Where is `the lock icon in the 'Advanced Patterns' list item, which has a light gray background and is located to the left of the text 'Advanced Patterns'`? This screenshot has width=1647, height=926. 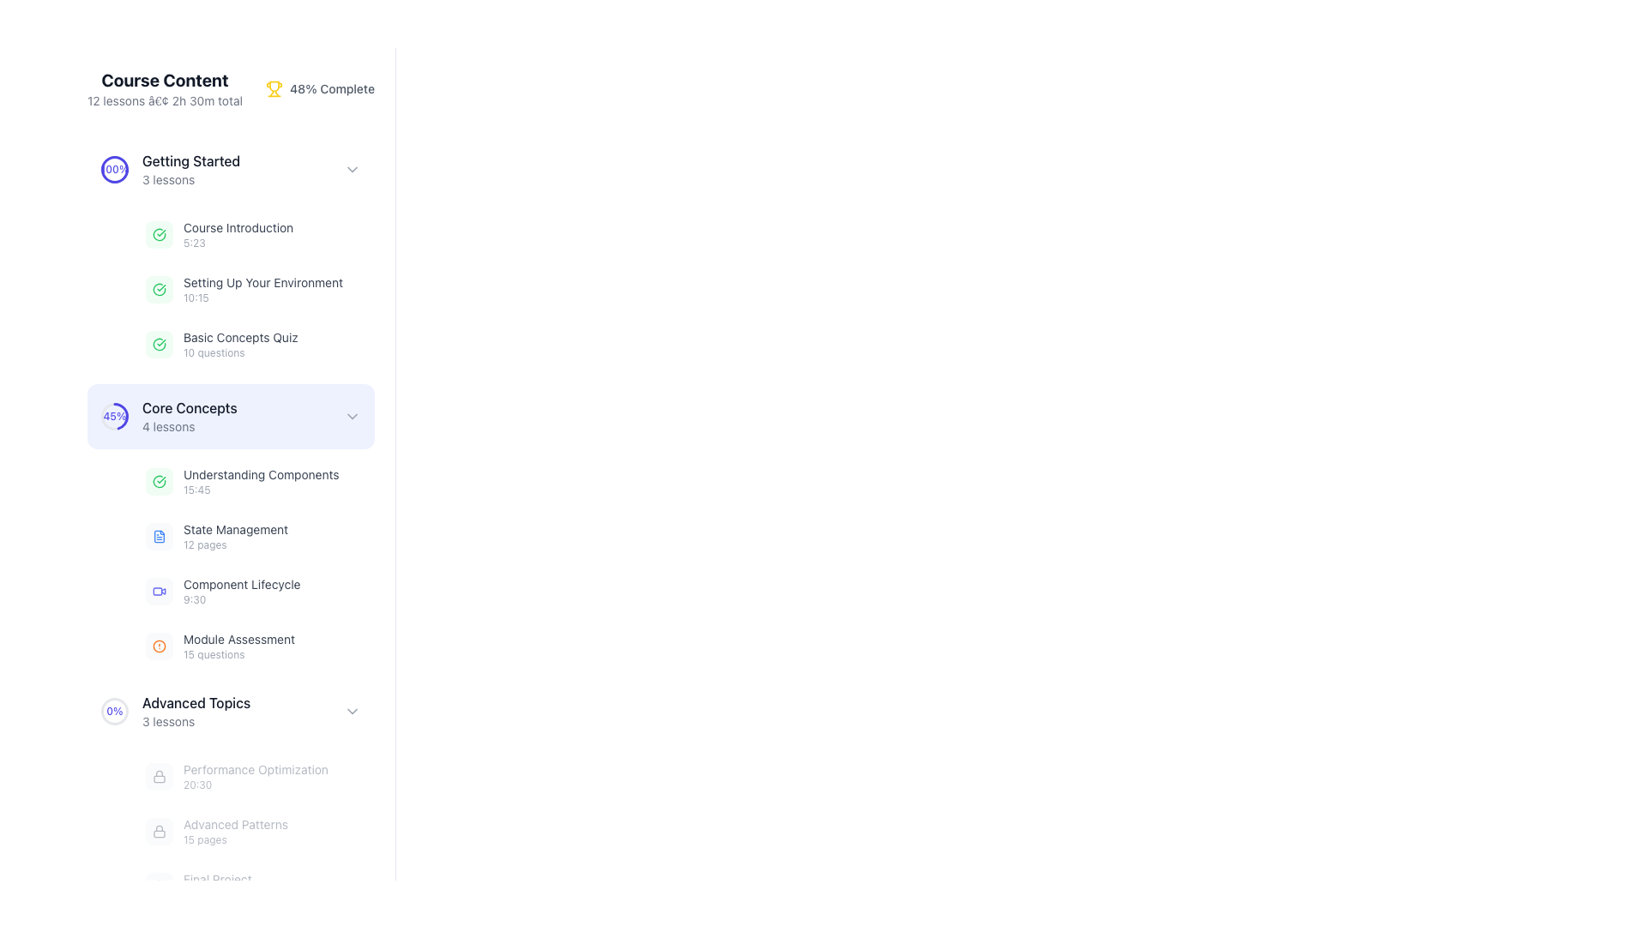 the lock icon in the 'Advanced Patterns' list item, which has a light gray background and is located to the left of the text 'Advanced Patterns' is located at coordinates (160, 830).